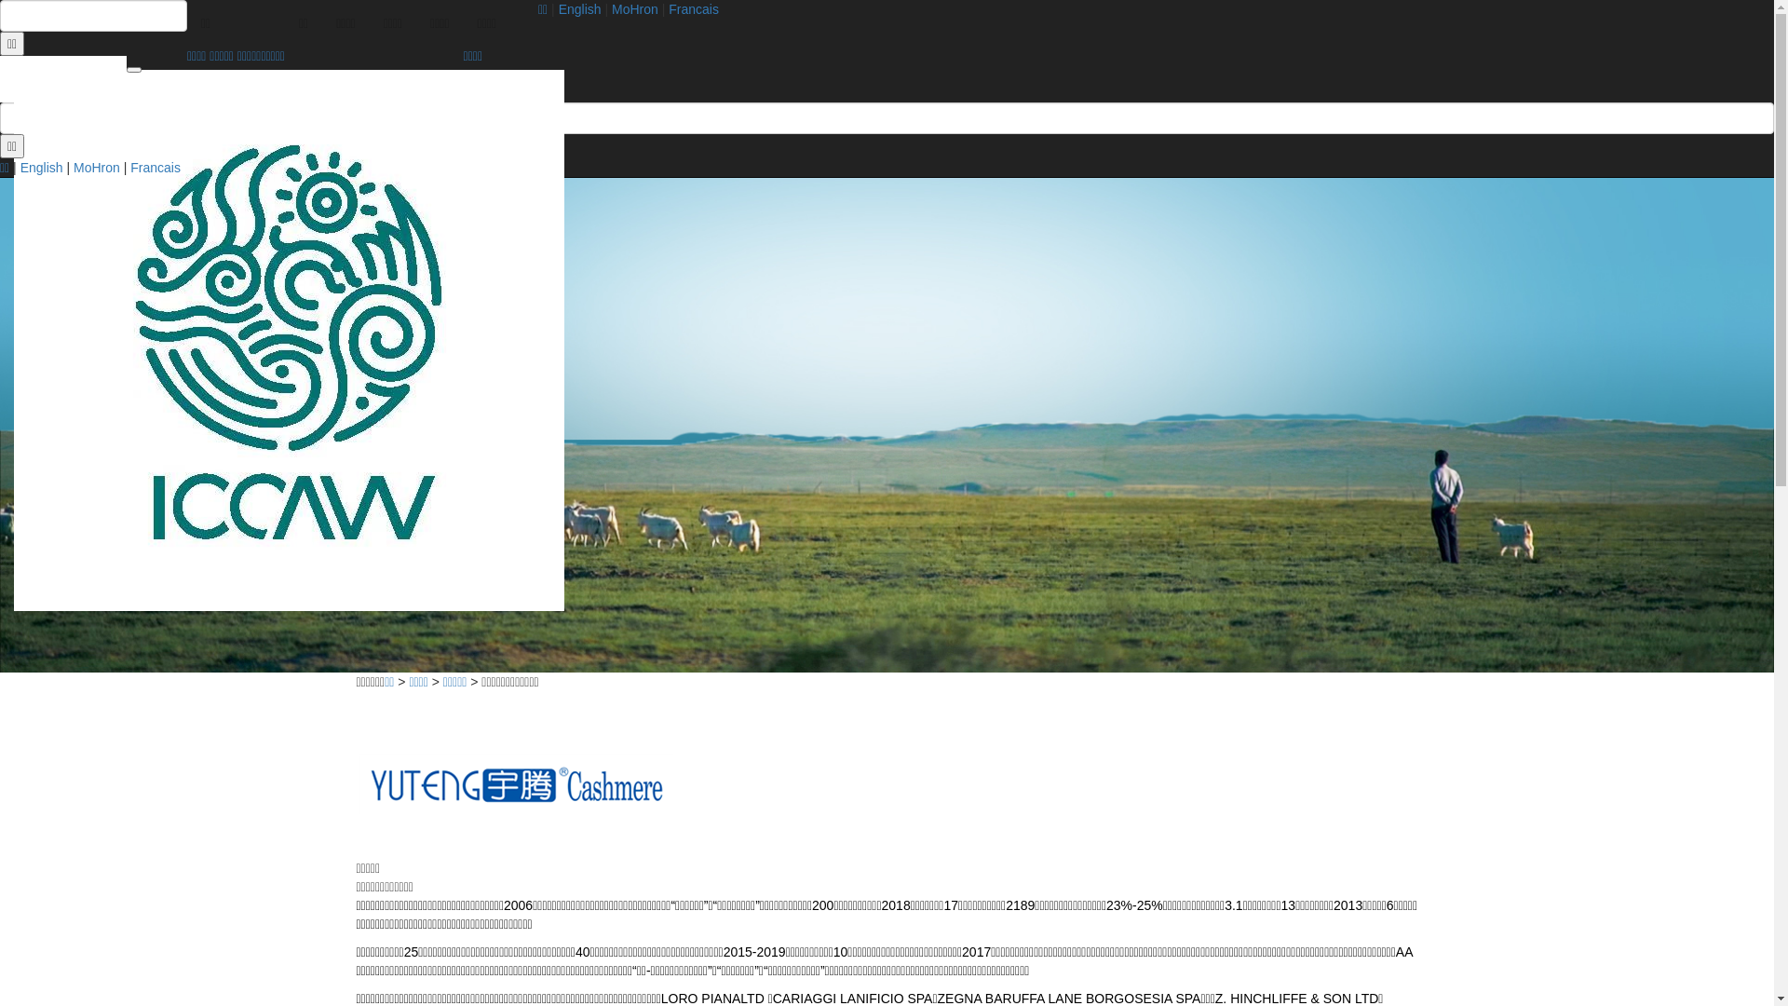 The width and height of the screenshot is (1788, 1006). Describe the element at coordinates (20, 168) in the screenshot. I see `'English'` at that location.